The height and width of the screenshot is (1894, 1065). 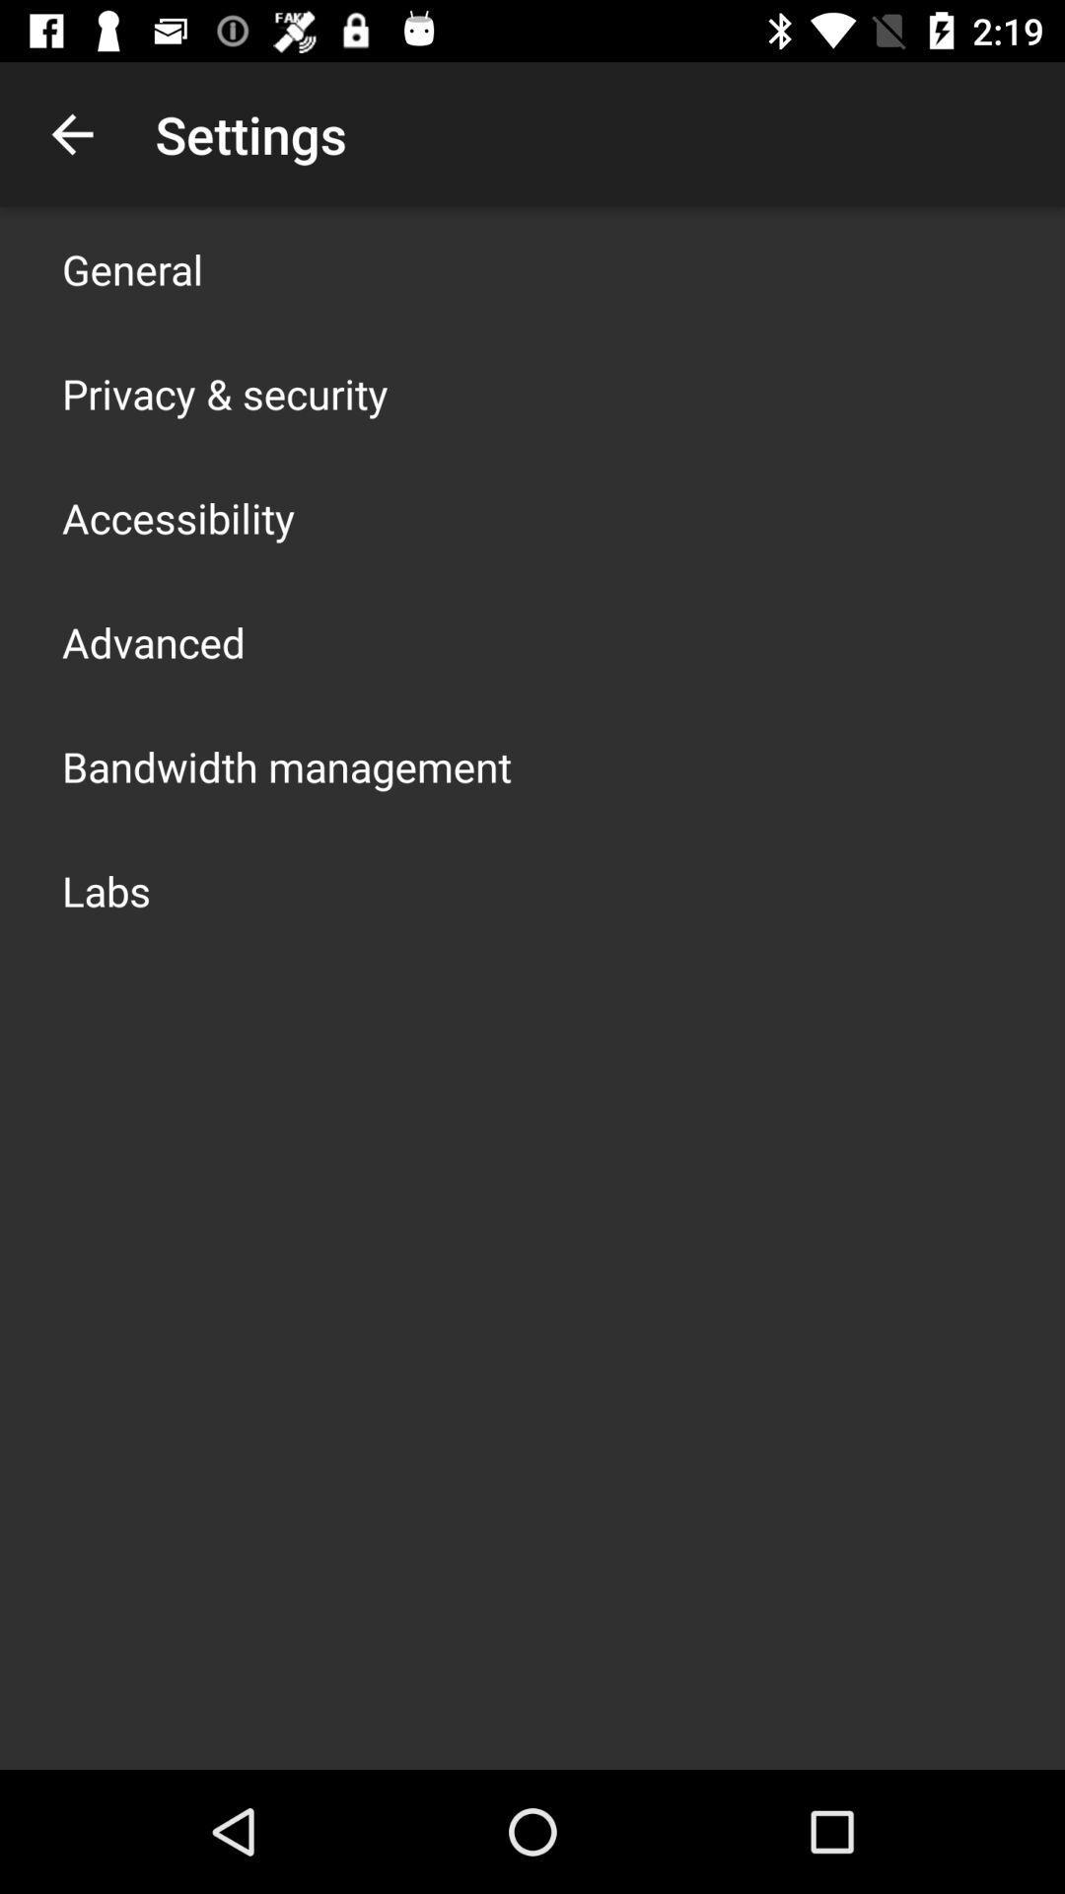 What do you see at coordinates (71, 133) in the screenshot?
I see `app to the left of settings app` at bounding box center [71, 133].